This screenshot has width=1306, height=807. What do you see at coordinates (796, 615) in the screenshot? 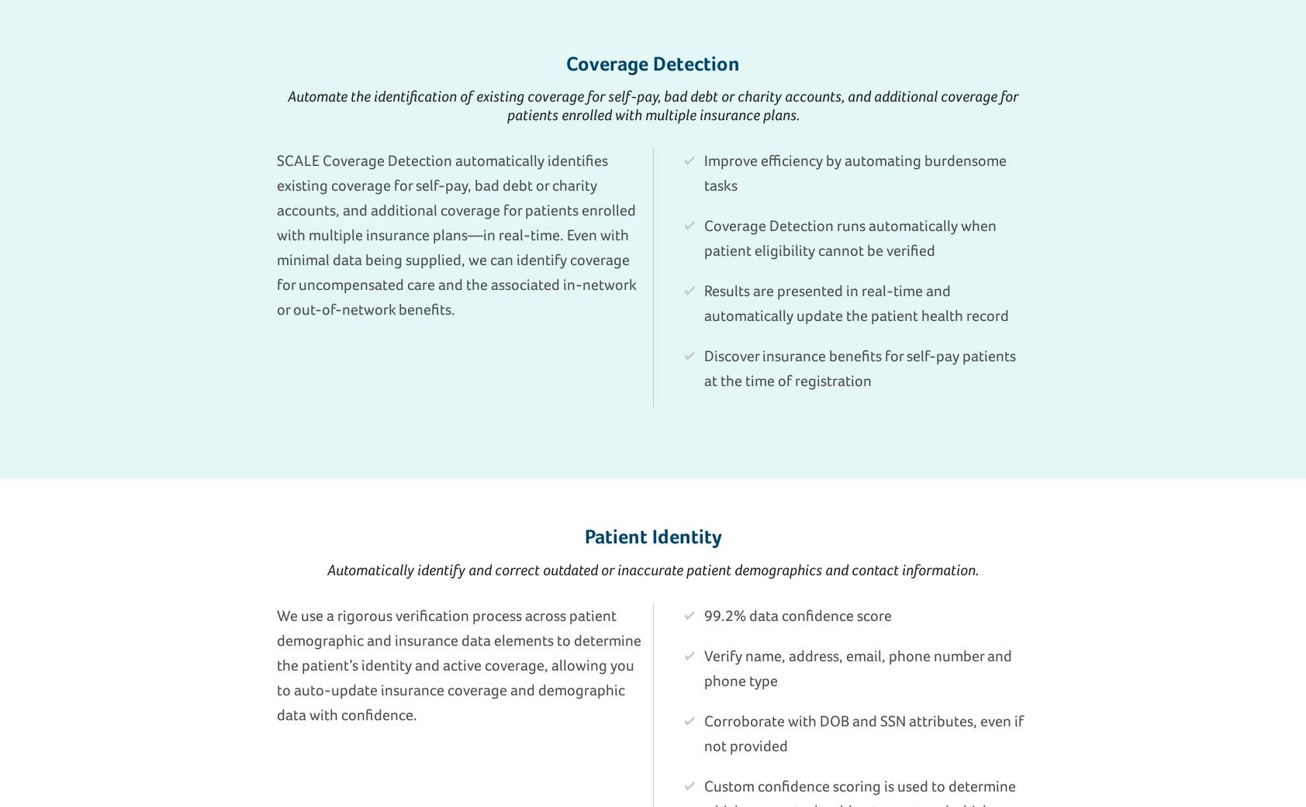
I see `'99.2% data confidence score'` at bounding box center [796, 615].